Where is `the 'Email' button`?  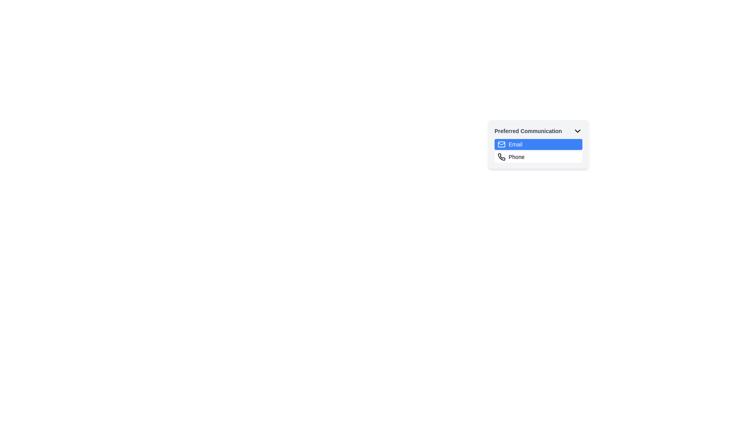
the 'Email' button is located at coordinates (538, 144).